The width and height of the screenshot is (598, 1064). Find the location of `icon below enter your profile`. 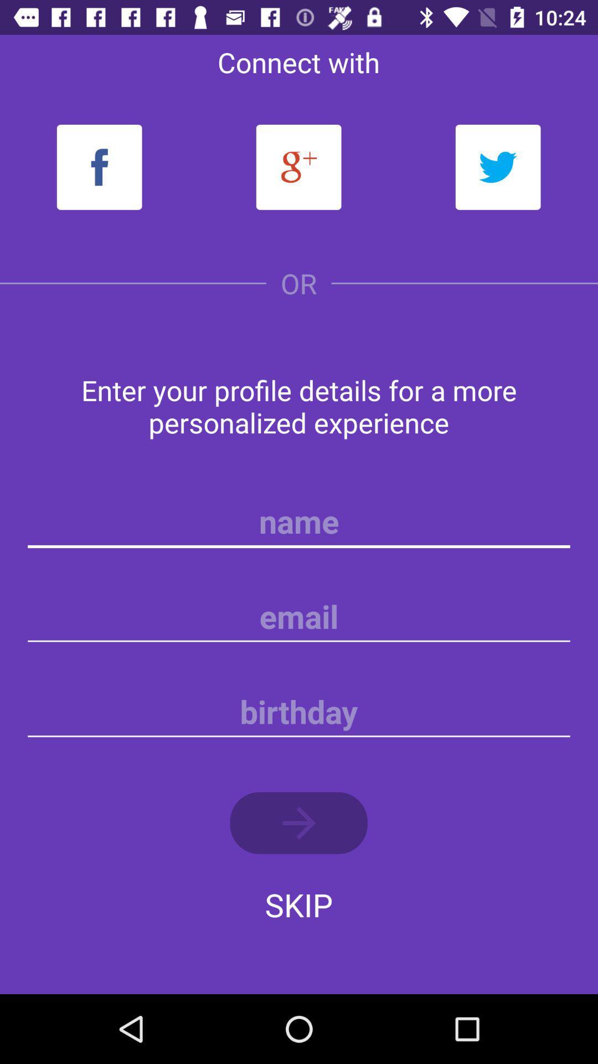

icon below enter your profile is located at coordinates (299, 521).